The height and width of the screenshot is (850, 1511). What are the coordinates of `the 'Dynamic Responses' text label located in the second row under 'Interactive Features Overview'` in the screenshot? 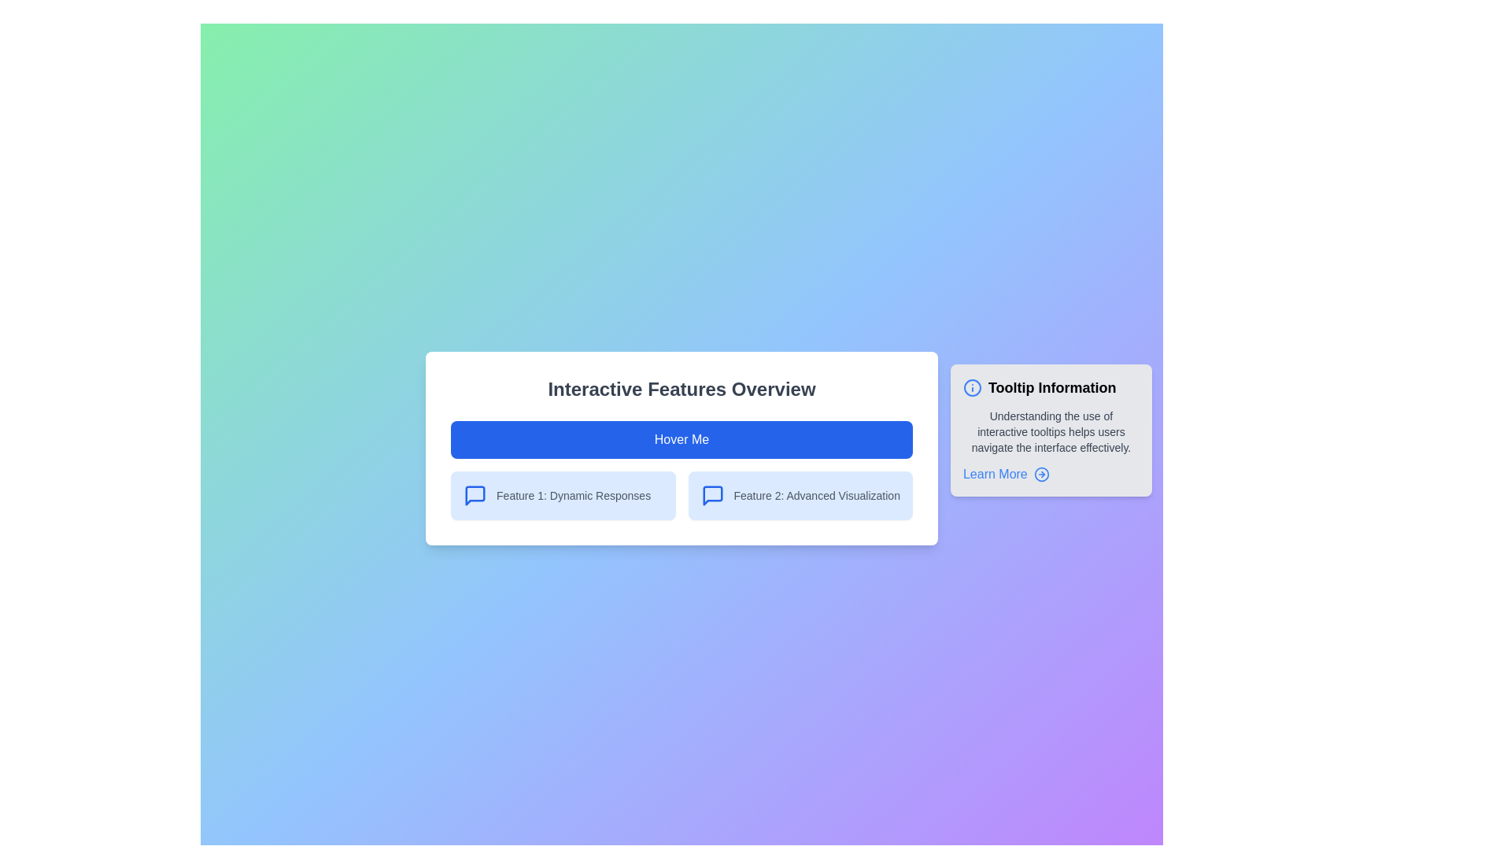 It's located at (573, 494).